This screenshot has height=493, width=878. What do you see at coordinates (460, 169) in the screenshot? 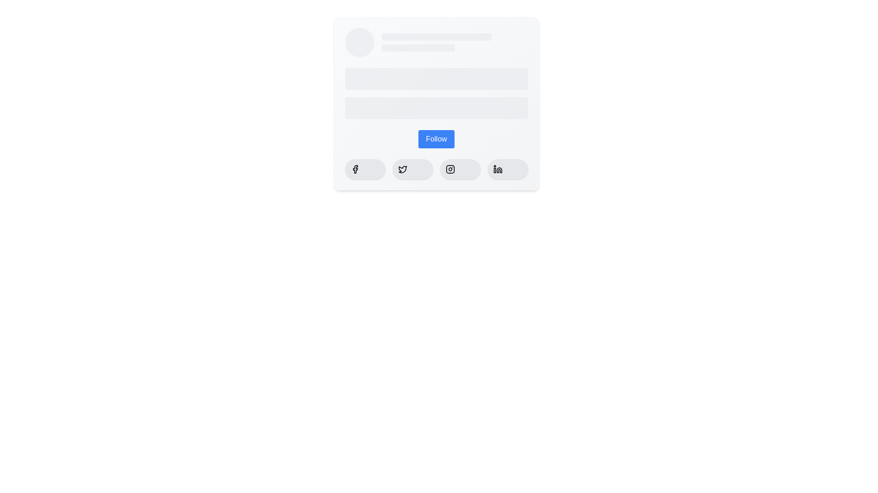
I see `the Instagram button located at the bottom of the card-like section, positioned to the right of the Twitter button and left of the LinkedIn button` at bounding box center [460, 169].